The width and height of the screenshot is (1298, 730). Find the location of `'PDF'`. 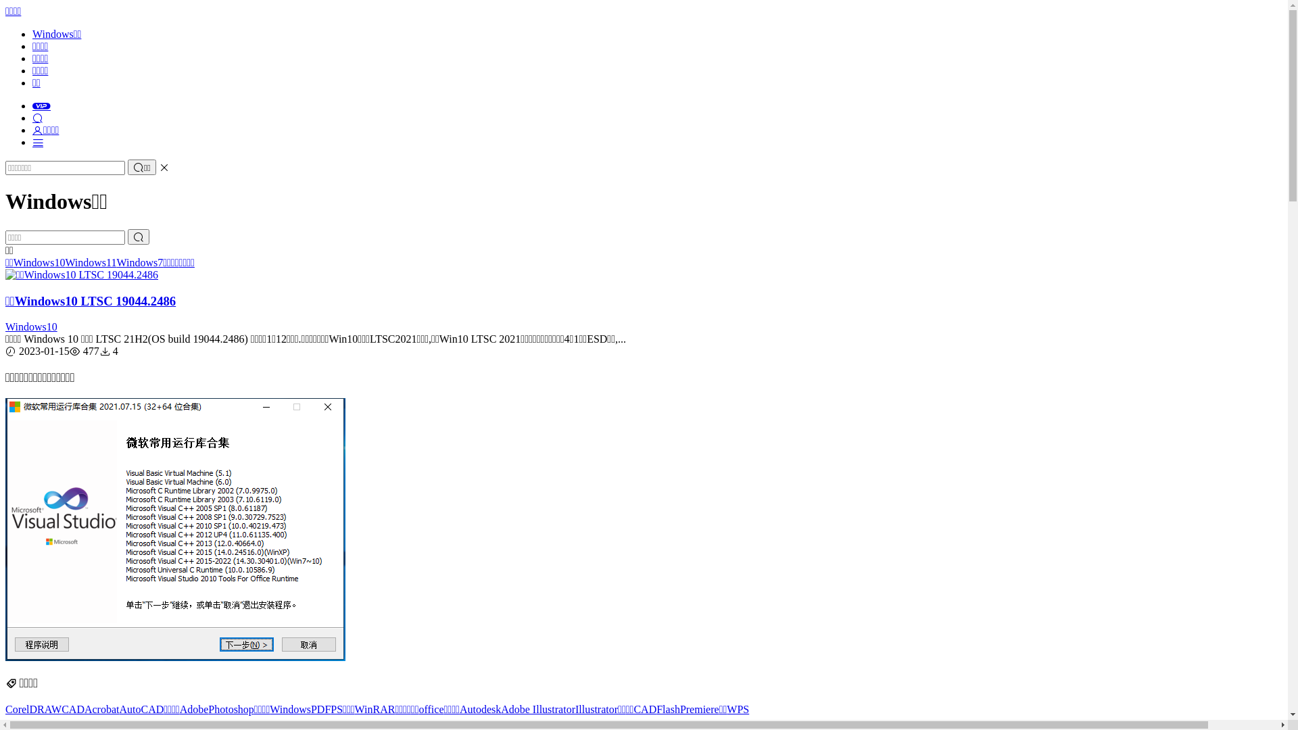

'PDF' is located at coordinates (310, 708).